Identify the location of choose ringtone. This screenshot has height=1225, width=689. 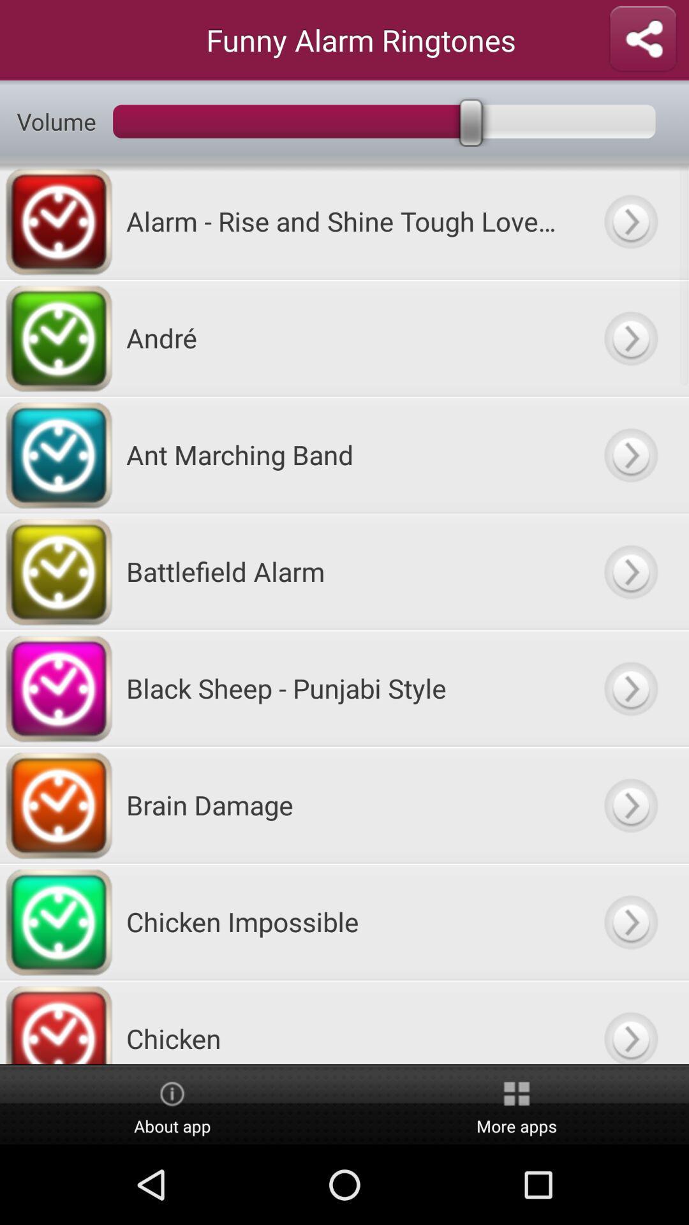
(630, 1022).